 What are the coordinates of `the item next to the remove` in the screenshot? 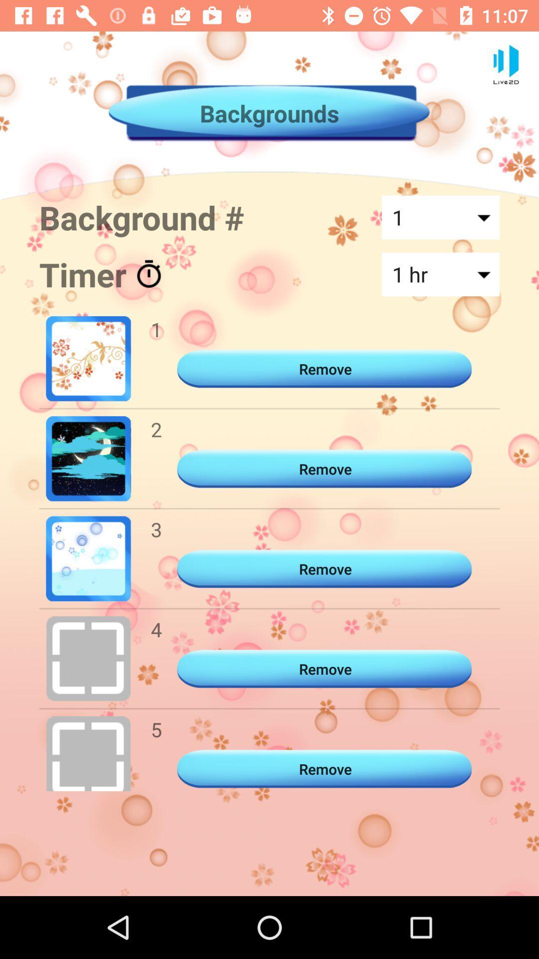 It's located at (156, 729).